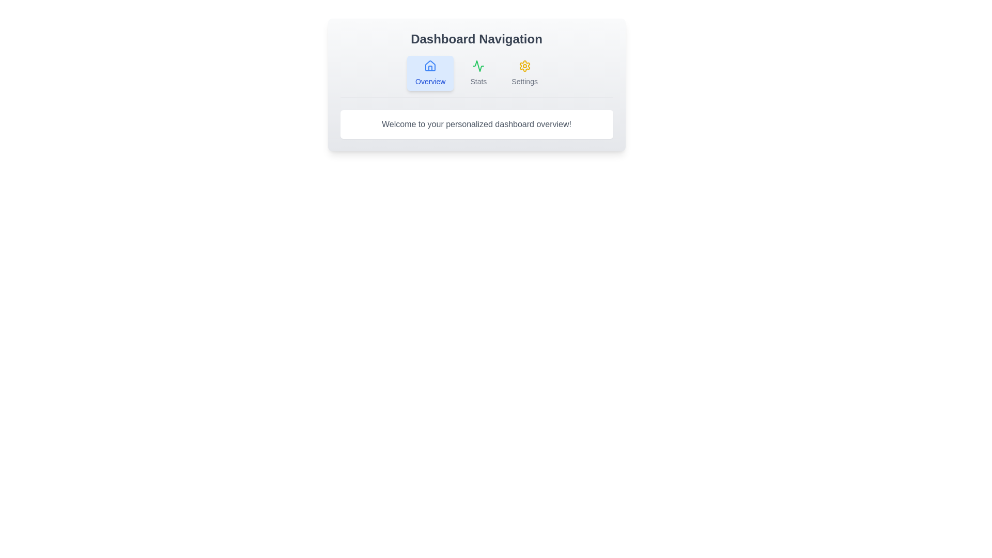  I want to click on the Overview tab in the TabbedDashboard, so click(430, 73).